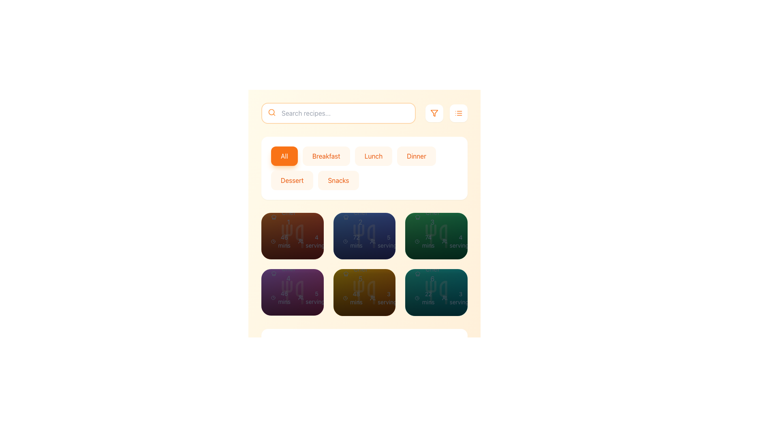  I want to click on the Triangle icon (SVG graphic) located in the navigation bar, to the right of the search bar, to activate the filter function, so click(434, 113).